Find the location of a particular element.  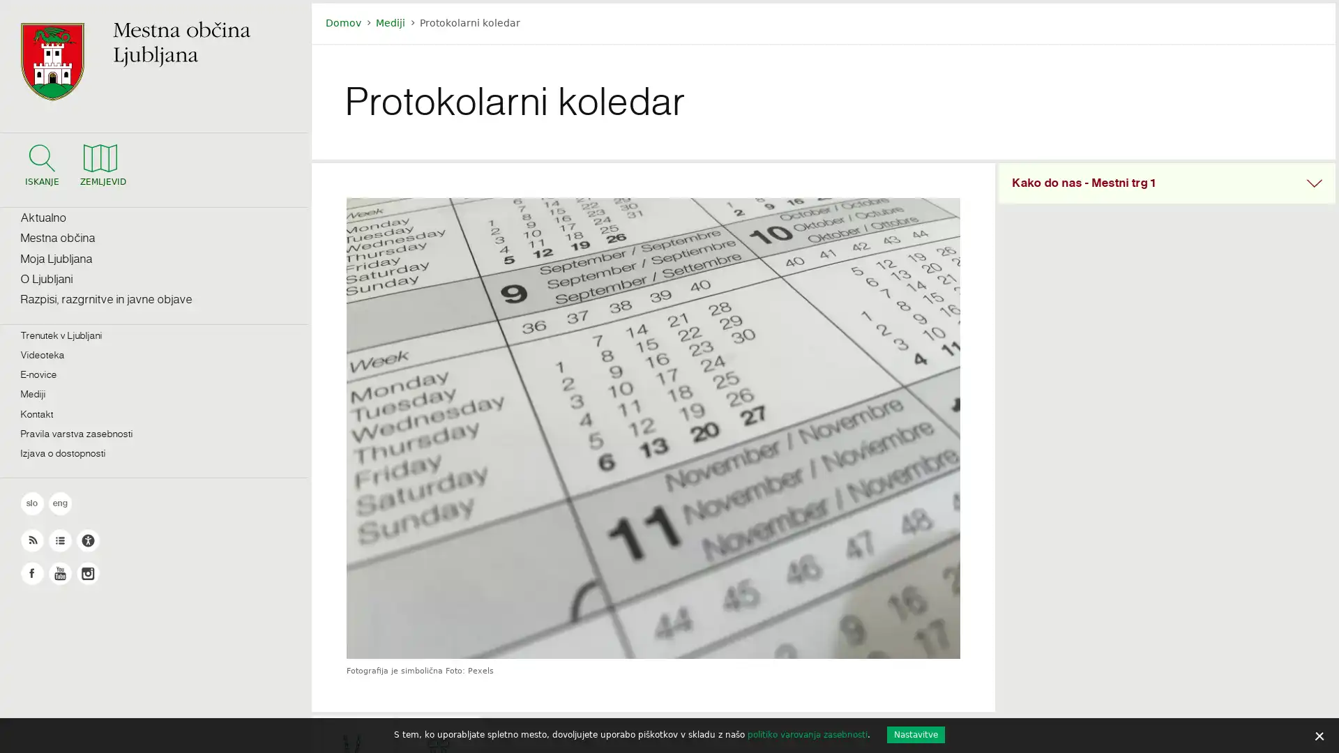

Najdi is located at coordinates (826, 220).